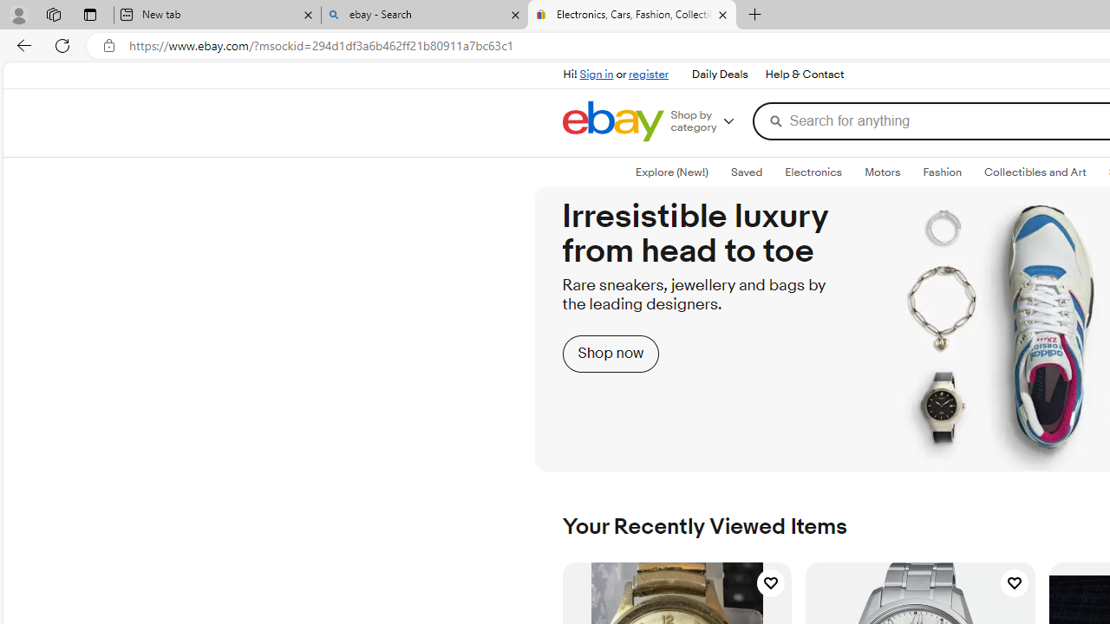 Image resolution: width=1110 pixels, height=624 pixels. Describe the element at coordinates (941, 172) in the screenshot. I see `'Fashion'` at that location.